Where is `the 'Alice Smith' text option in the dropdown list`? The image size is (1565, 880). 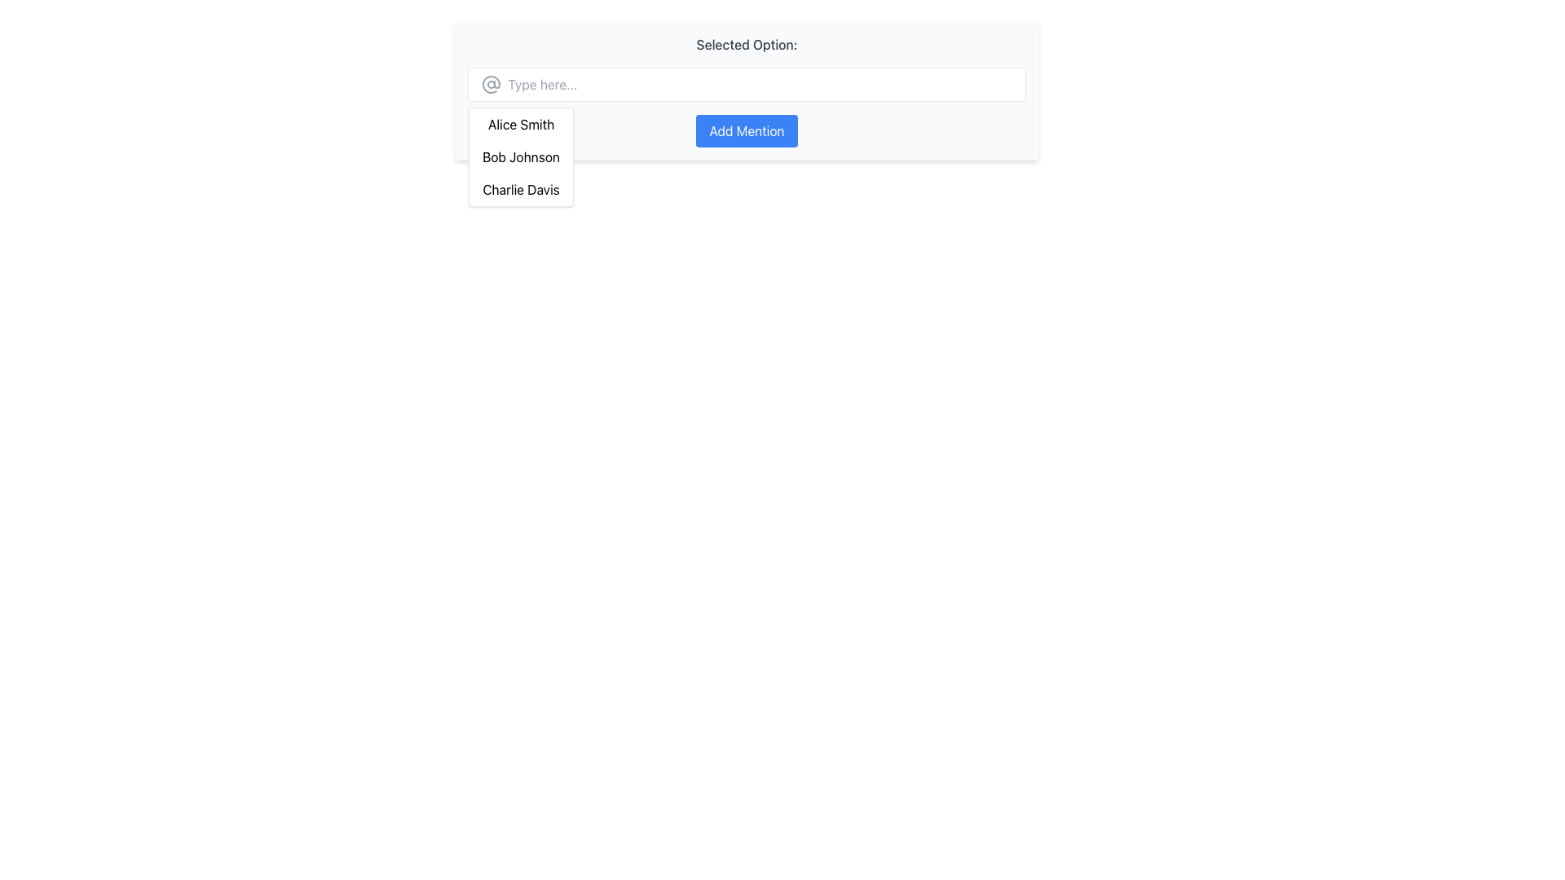 the 'Alice Smith' text option in the dropdown list is located at coordinates (520, 124).